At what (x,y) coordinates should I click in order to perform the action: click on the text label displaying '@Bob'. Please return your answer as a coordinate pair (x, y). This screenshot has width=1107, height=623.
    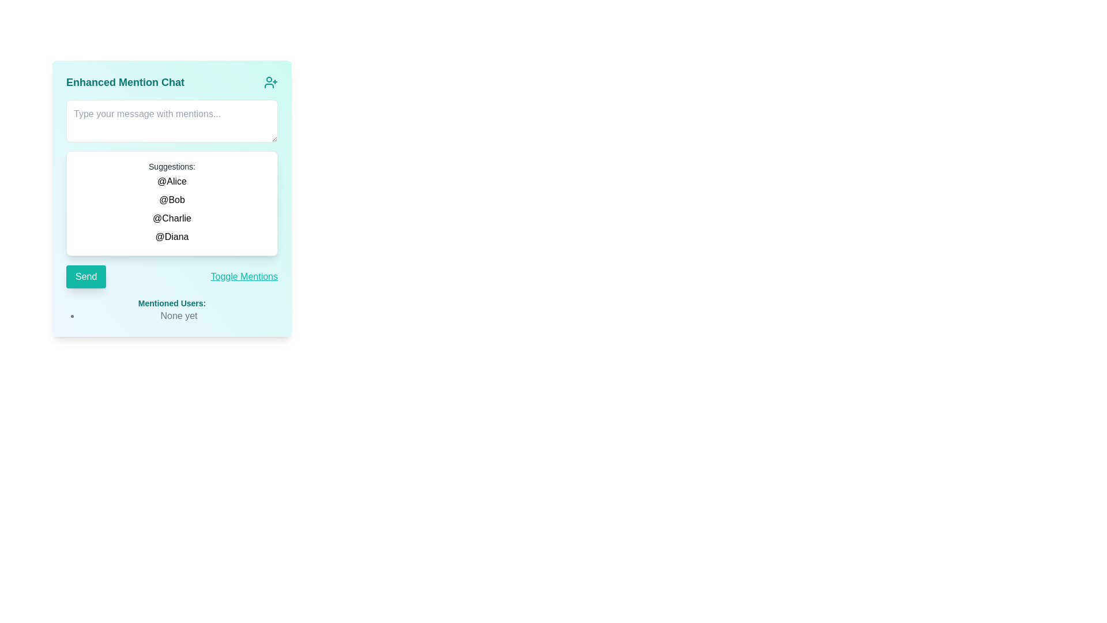
    Looking at the image, I should click on (171, 200).